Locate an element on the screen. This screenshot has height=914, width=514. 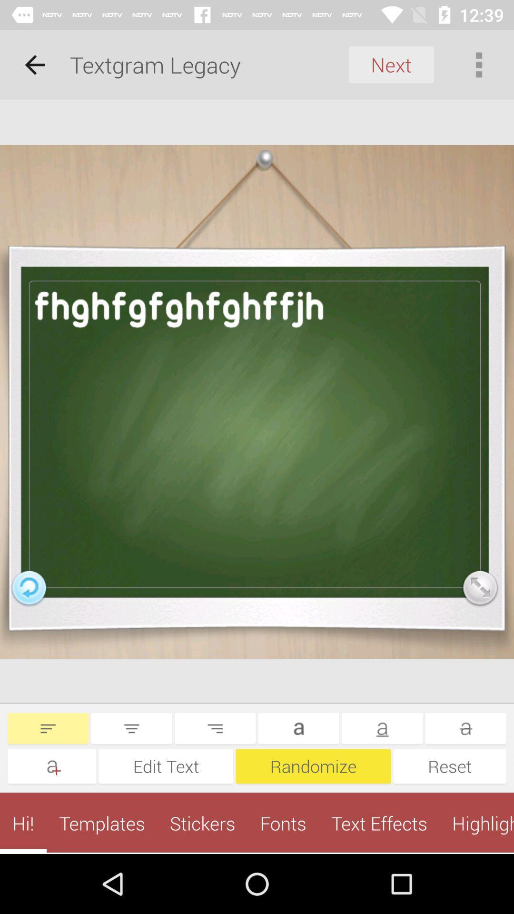
templates item is located at coordinates (102, 823).